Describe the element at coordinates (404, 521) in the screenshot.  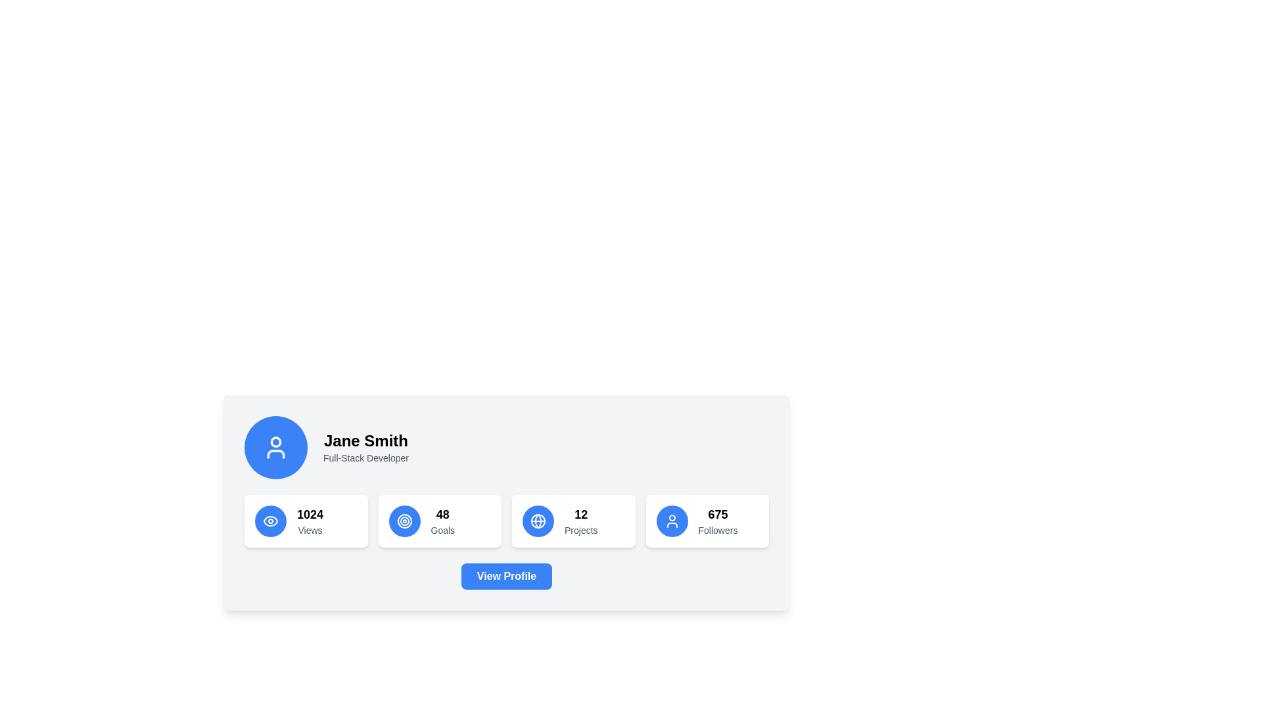
I see `outermost boundary circle of the blue target icon located in the second column of the statistics row of the user card, situated between the 'Views' and 'Projects' icons` at that location.